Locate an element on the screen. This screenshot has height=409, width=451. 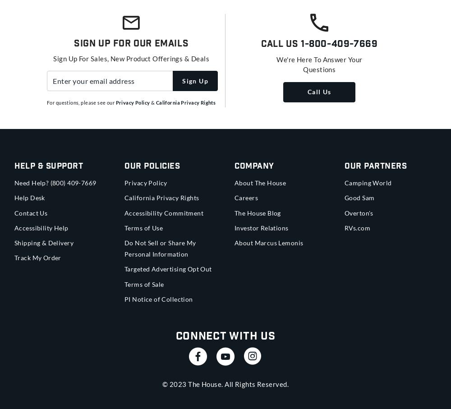
'Accessibility Commitment' is located at coordinates (163, 212).